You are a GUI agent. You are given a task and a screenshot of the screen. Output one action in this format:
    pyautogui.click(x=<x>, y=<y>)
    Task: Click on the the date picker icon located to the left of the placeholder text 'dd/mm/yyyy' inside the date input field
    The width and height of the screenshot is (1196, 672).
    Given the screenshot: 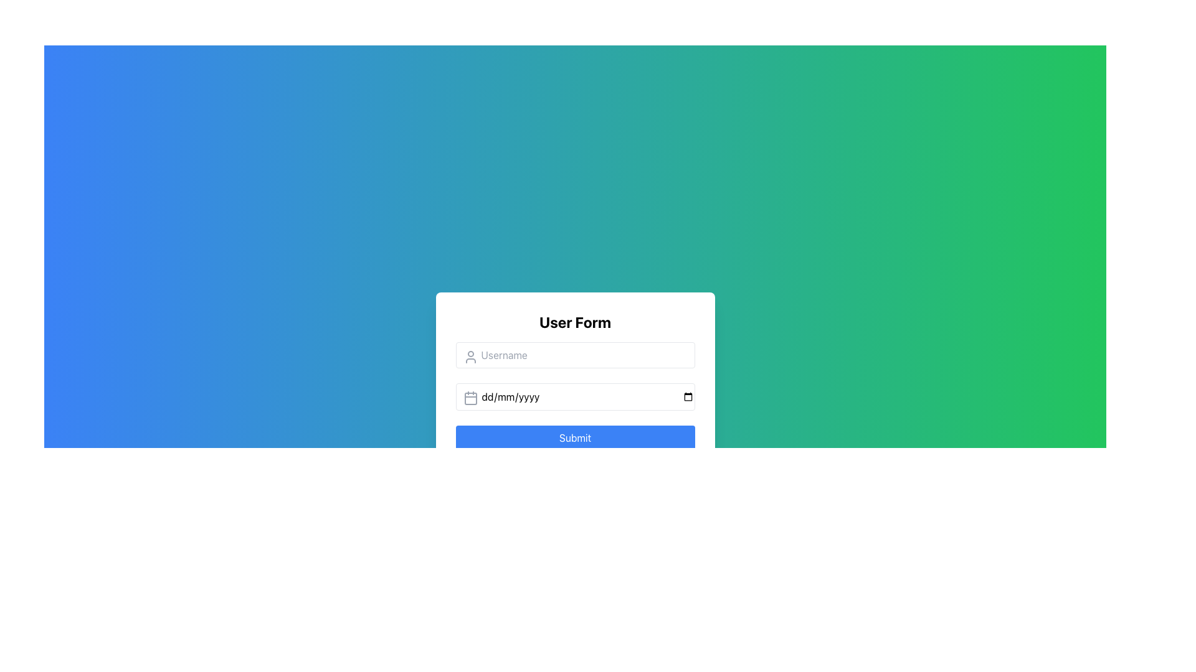 What is the action you would take?
    pyautogui.click(x=470, y=398)
    